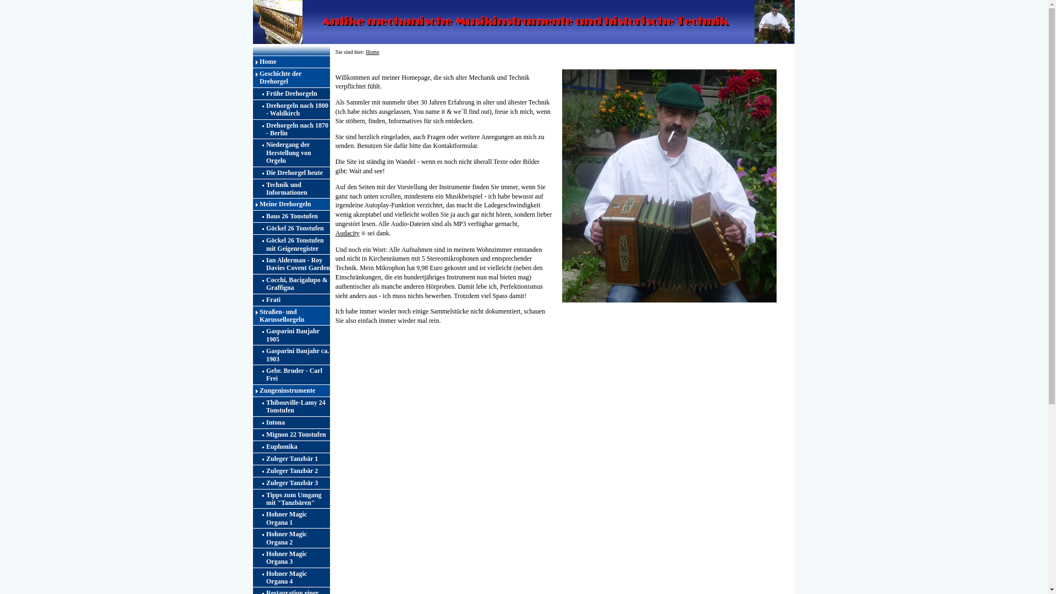  I want to click on 'Home', so click(291, 62).